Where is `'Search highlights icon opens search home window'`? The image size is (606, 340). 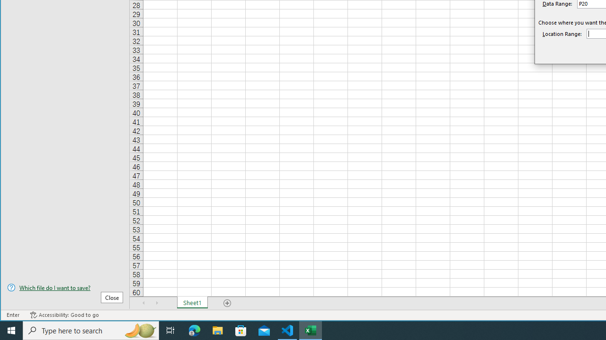 'Search highlights icon opens search home window' is located at coordinates (139, 330).